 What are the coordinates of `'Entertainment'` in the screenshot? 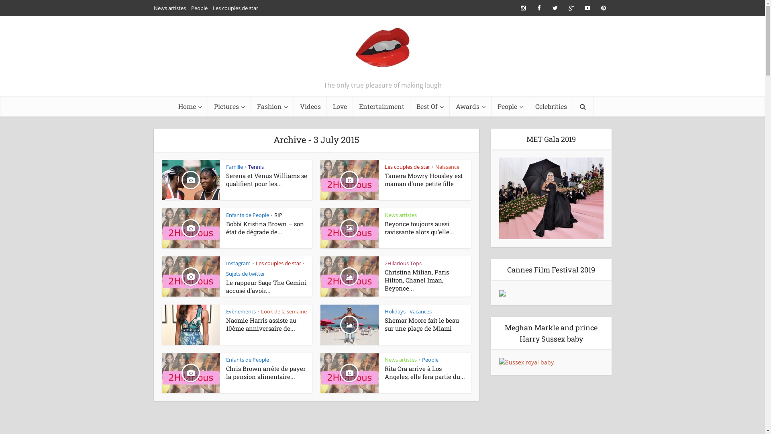 It's located at (381, 106).